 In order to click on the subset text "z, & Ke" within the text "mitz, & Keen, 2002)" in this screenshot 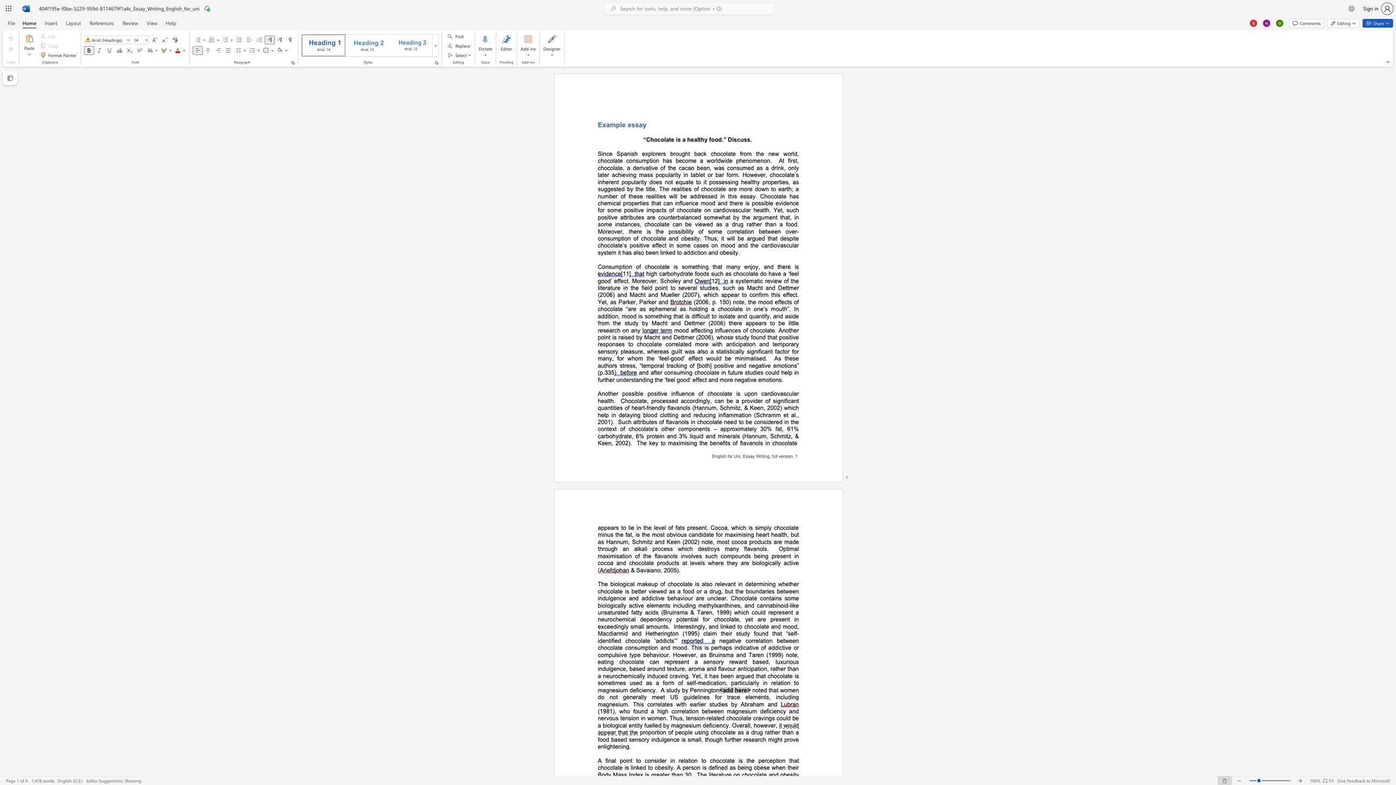, I will do `click(787, 436)`.